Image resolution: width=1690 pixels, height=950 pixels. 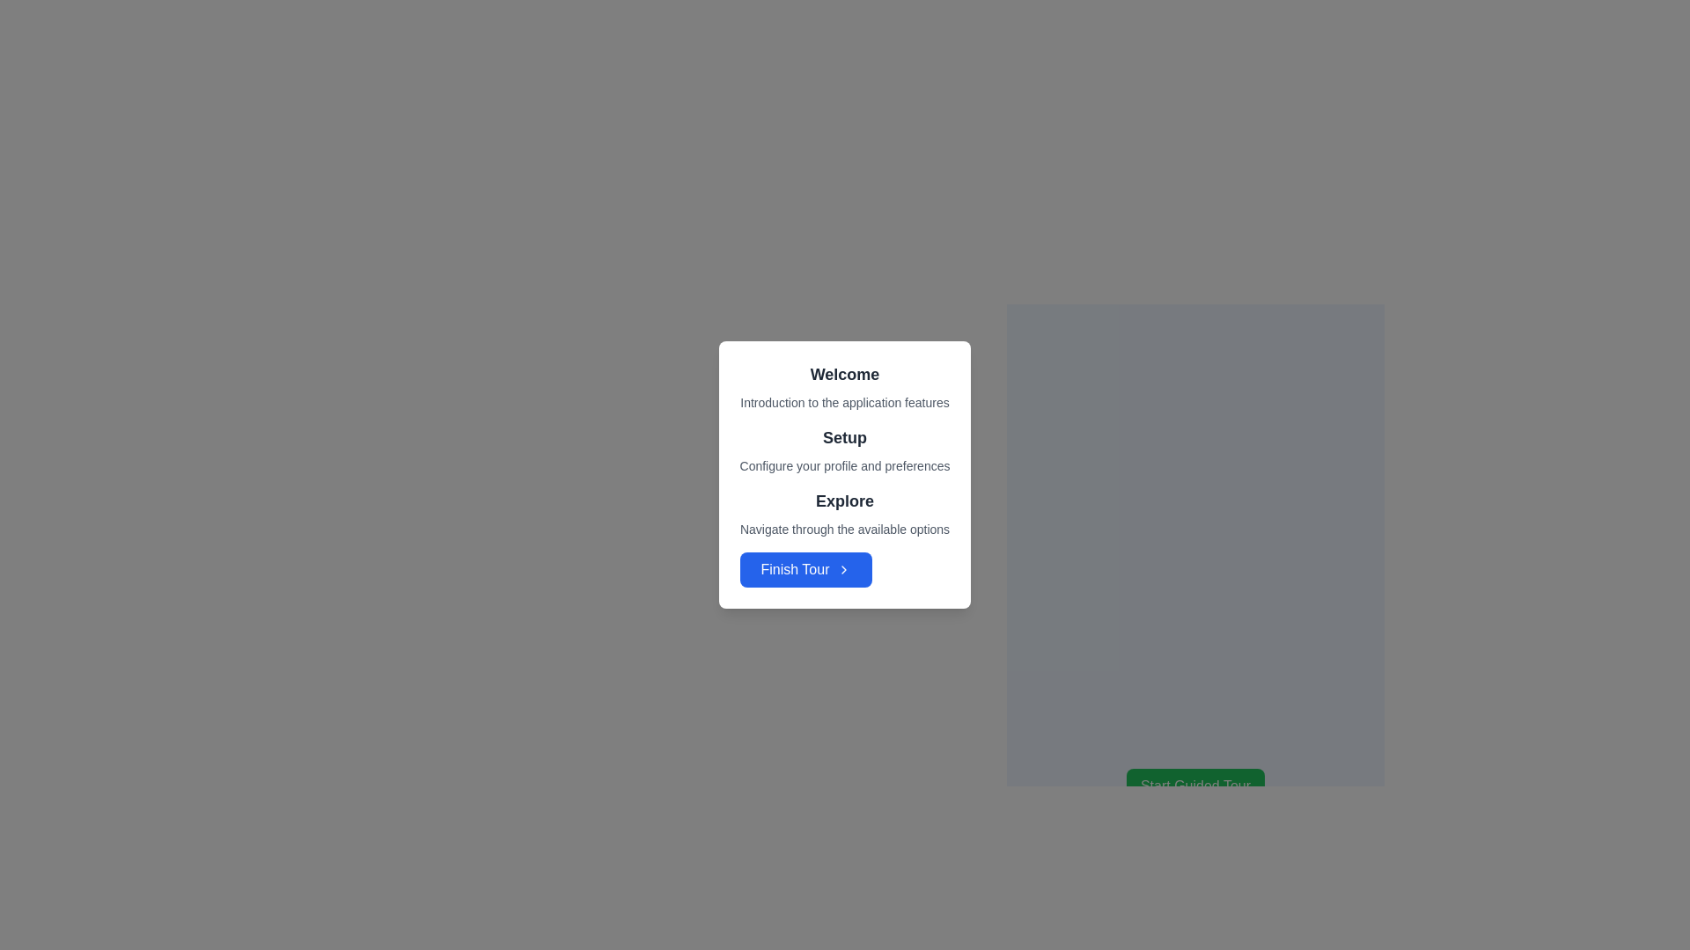 I want to click on the small right-facing chevron icon with a blue background located next to the 'Finish Tour' button at the bottom of the modal, so click(x=842, y=570).